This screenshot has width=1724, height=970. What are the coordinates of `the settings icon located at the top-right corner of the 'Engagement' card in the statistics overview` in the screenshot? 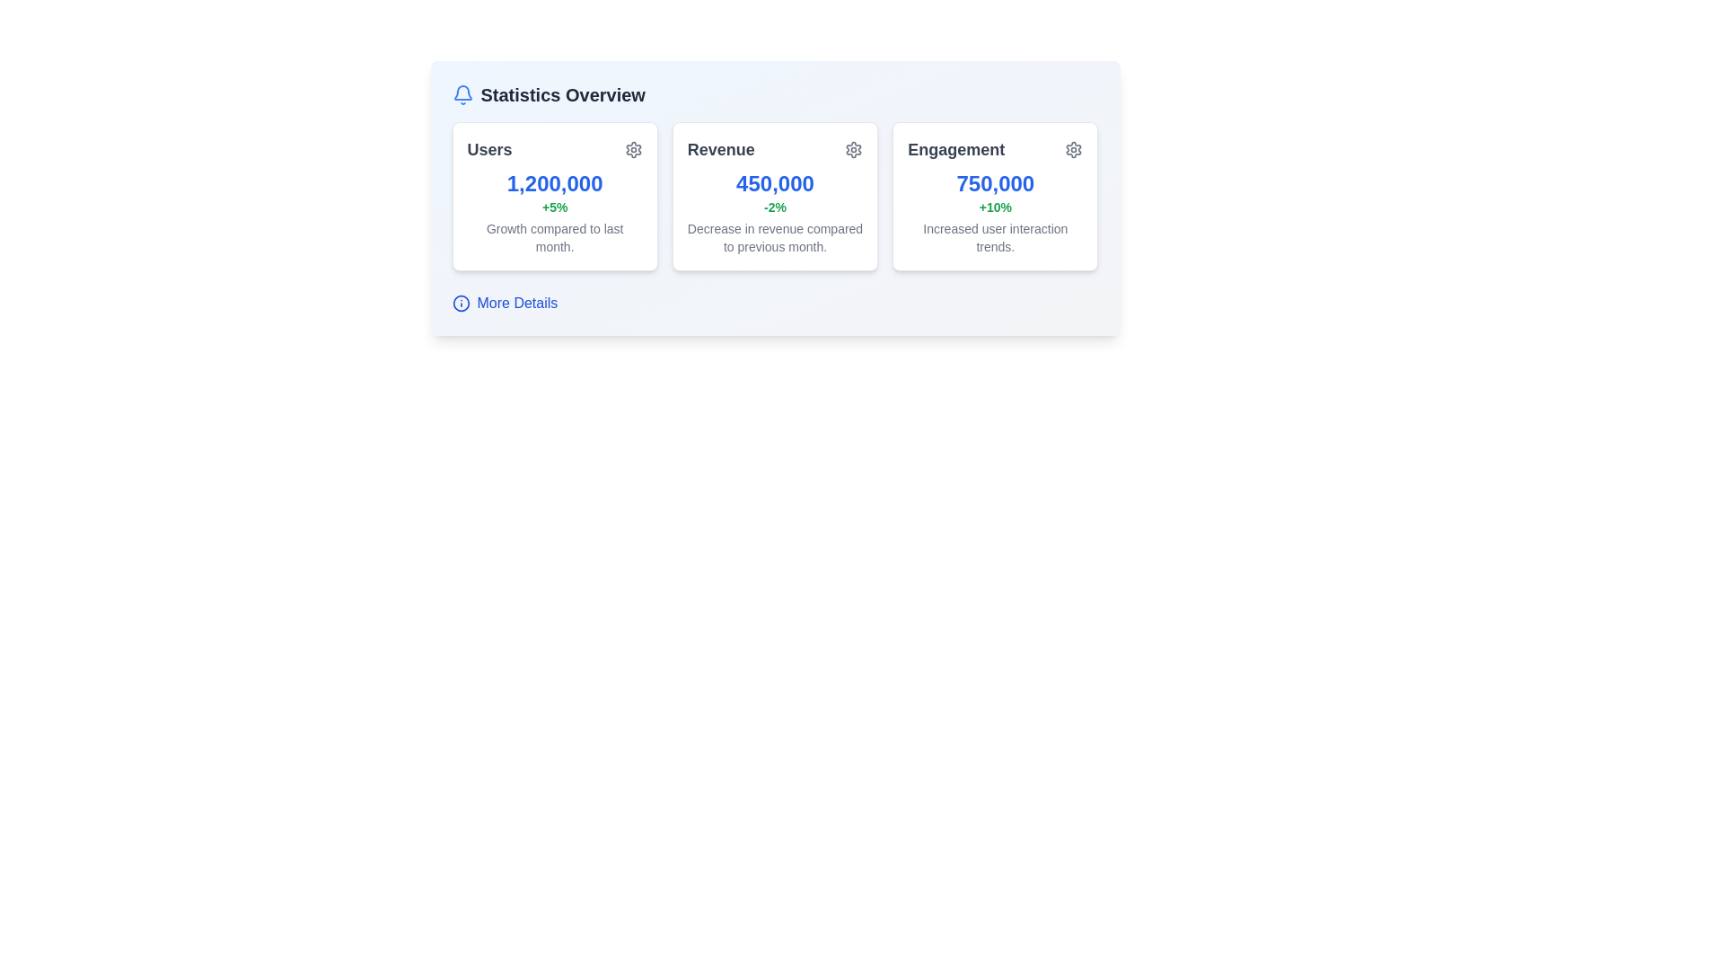 It's located at (1074, 148).